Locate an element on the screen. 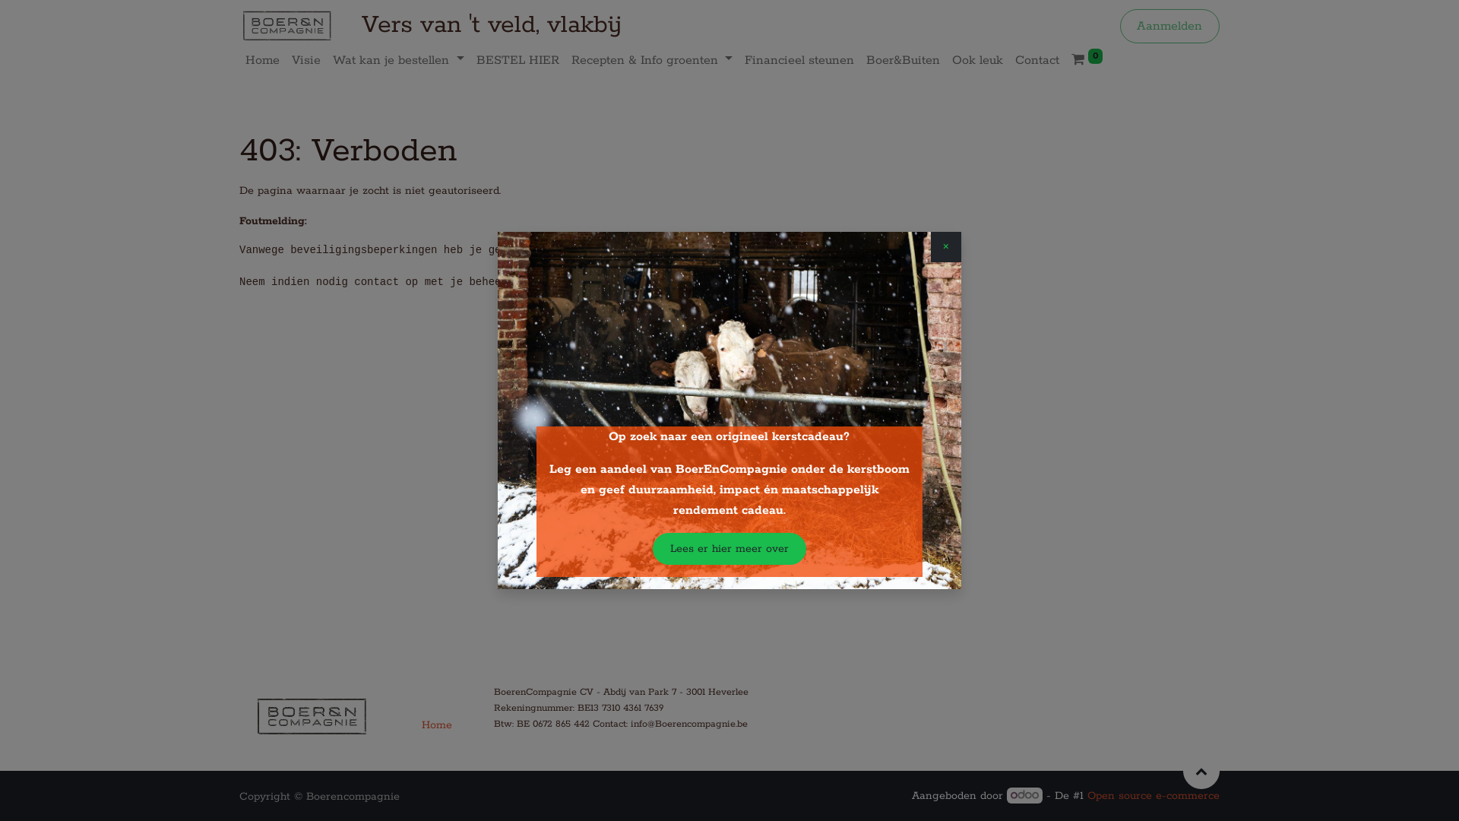 The height and width of the screenshot is (821, 1459). 'Ook leuk' is located at coordinates (977, 59).